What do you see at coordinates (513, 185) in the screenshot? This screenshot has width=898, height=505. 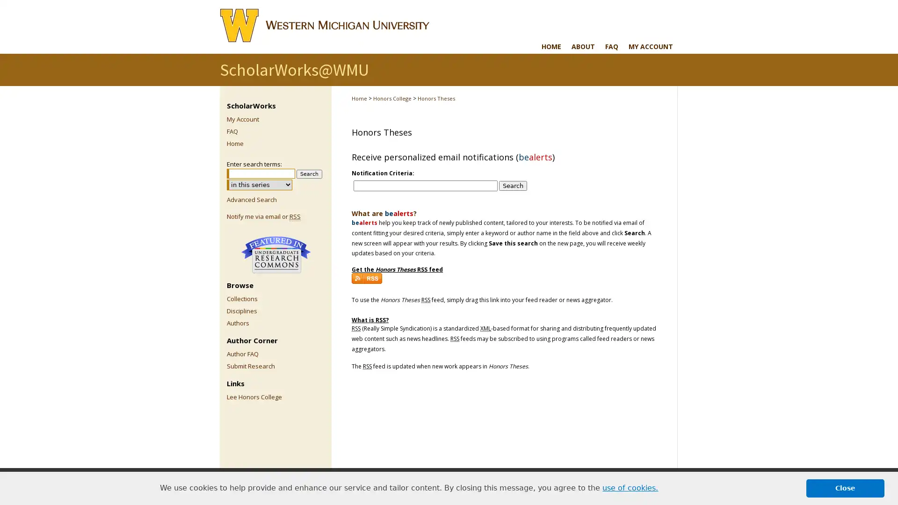 I see `Search` at bounding box center [513, 185].